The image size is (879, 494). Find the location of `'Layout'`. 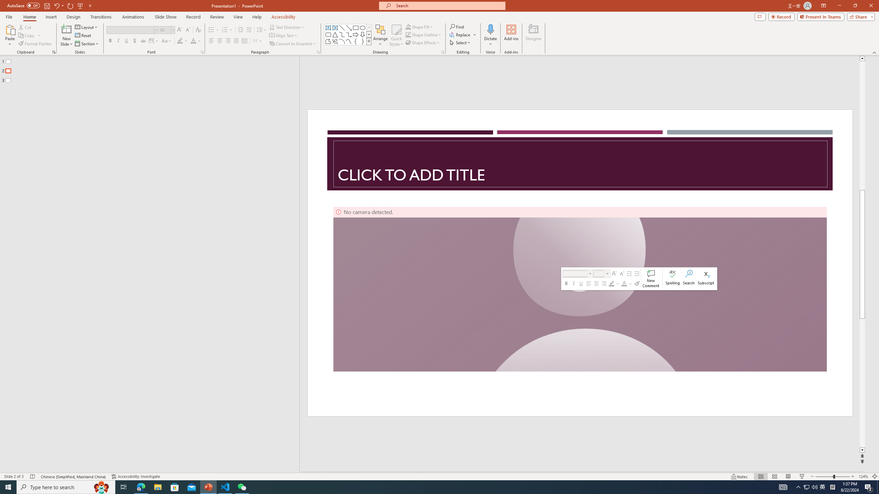

'Layout' is located at coordinates (87, 27).